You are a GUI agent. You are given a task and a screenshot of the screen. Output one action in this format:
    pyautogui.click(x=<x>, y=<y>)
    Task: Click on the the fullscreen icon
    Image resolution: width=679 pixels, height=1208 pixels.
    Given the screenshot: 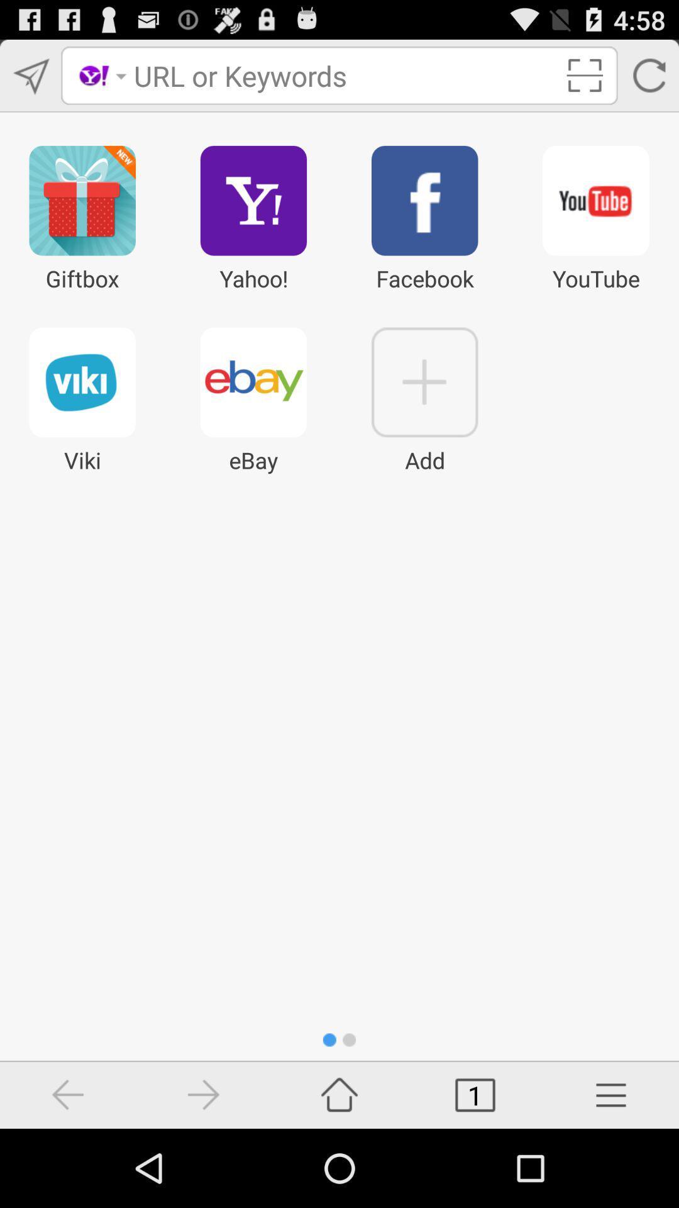 What is the action you would take?
    pyautogui.click(x=580, y=80)
    